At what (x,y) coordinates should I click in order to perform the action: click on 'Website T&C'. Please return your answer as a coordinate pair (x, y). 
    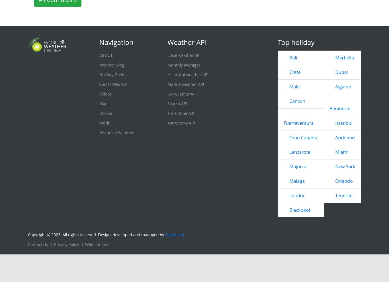
    Looking at the image, I should click on (85, 244).